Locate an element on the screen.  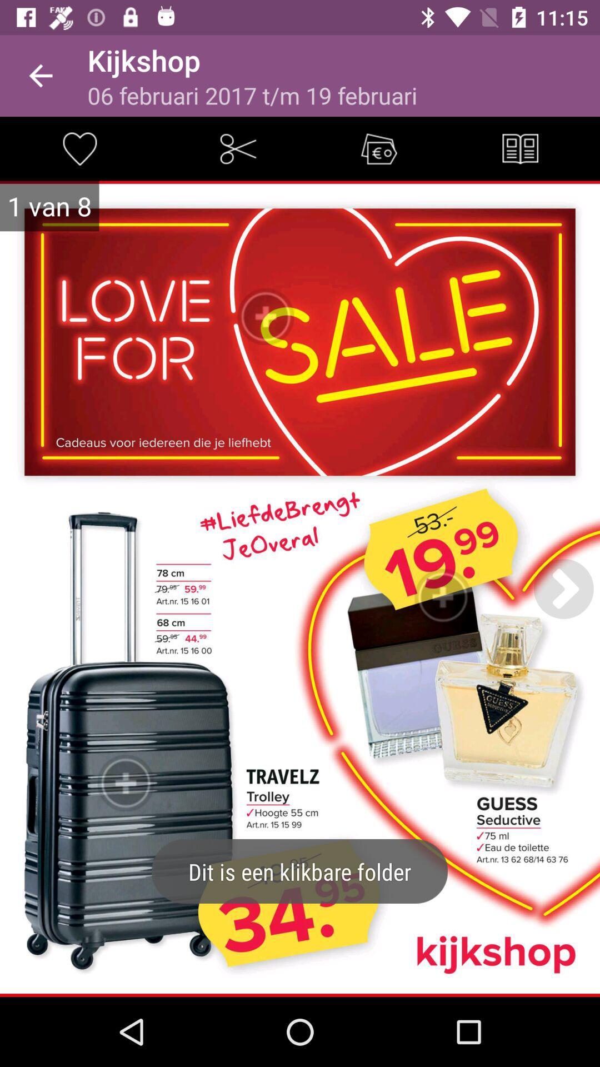
the icon below 06 februari 2017 is located at coordinates (378, 148).